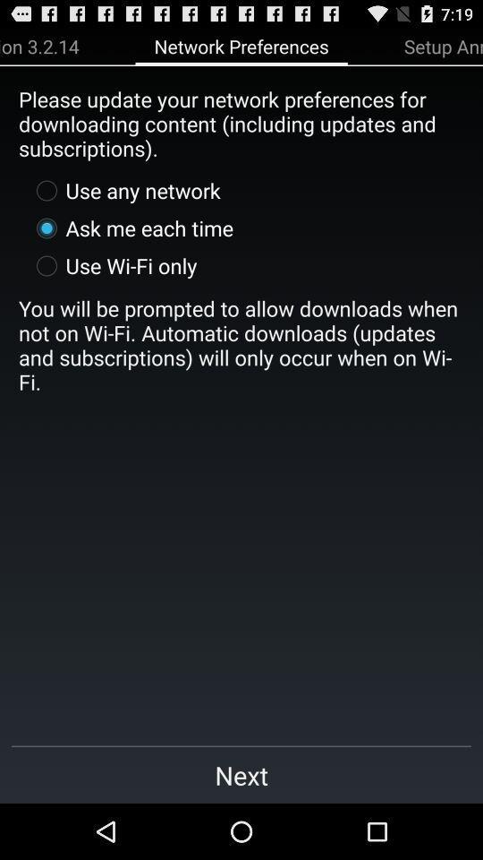 The height and width of the screenshot is (860, 483). I want to click on app above please update your icon, so click(39, 45).